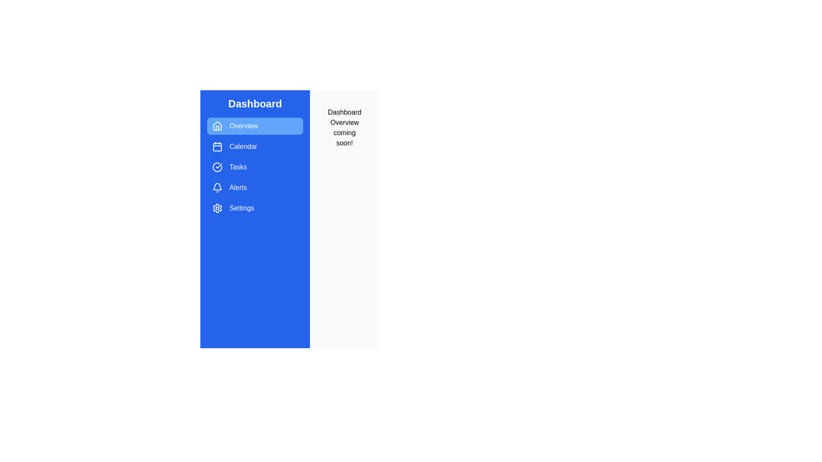 The width and height of the screenshot is (822, 462). I want to click on the house icon located at the top of the left-side menu, which is styled to match the application's blue theme and positioned next to the 'Overview' text, so click(217, 126).